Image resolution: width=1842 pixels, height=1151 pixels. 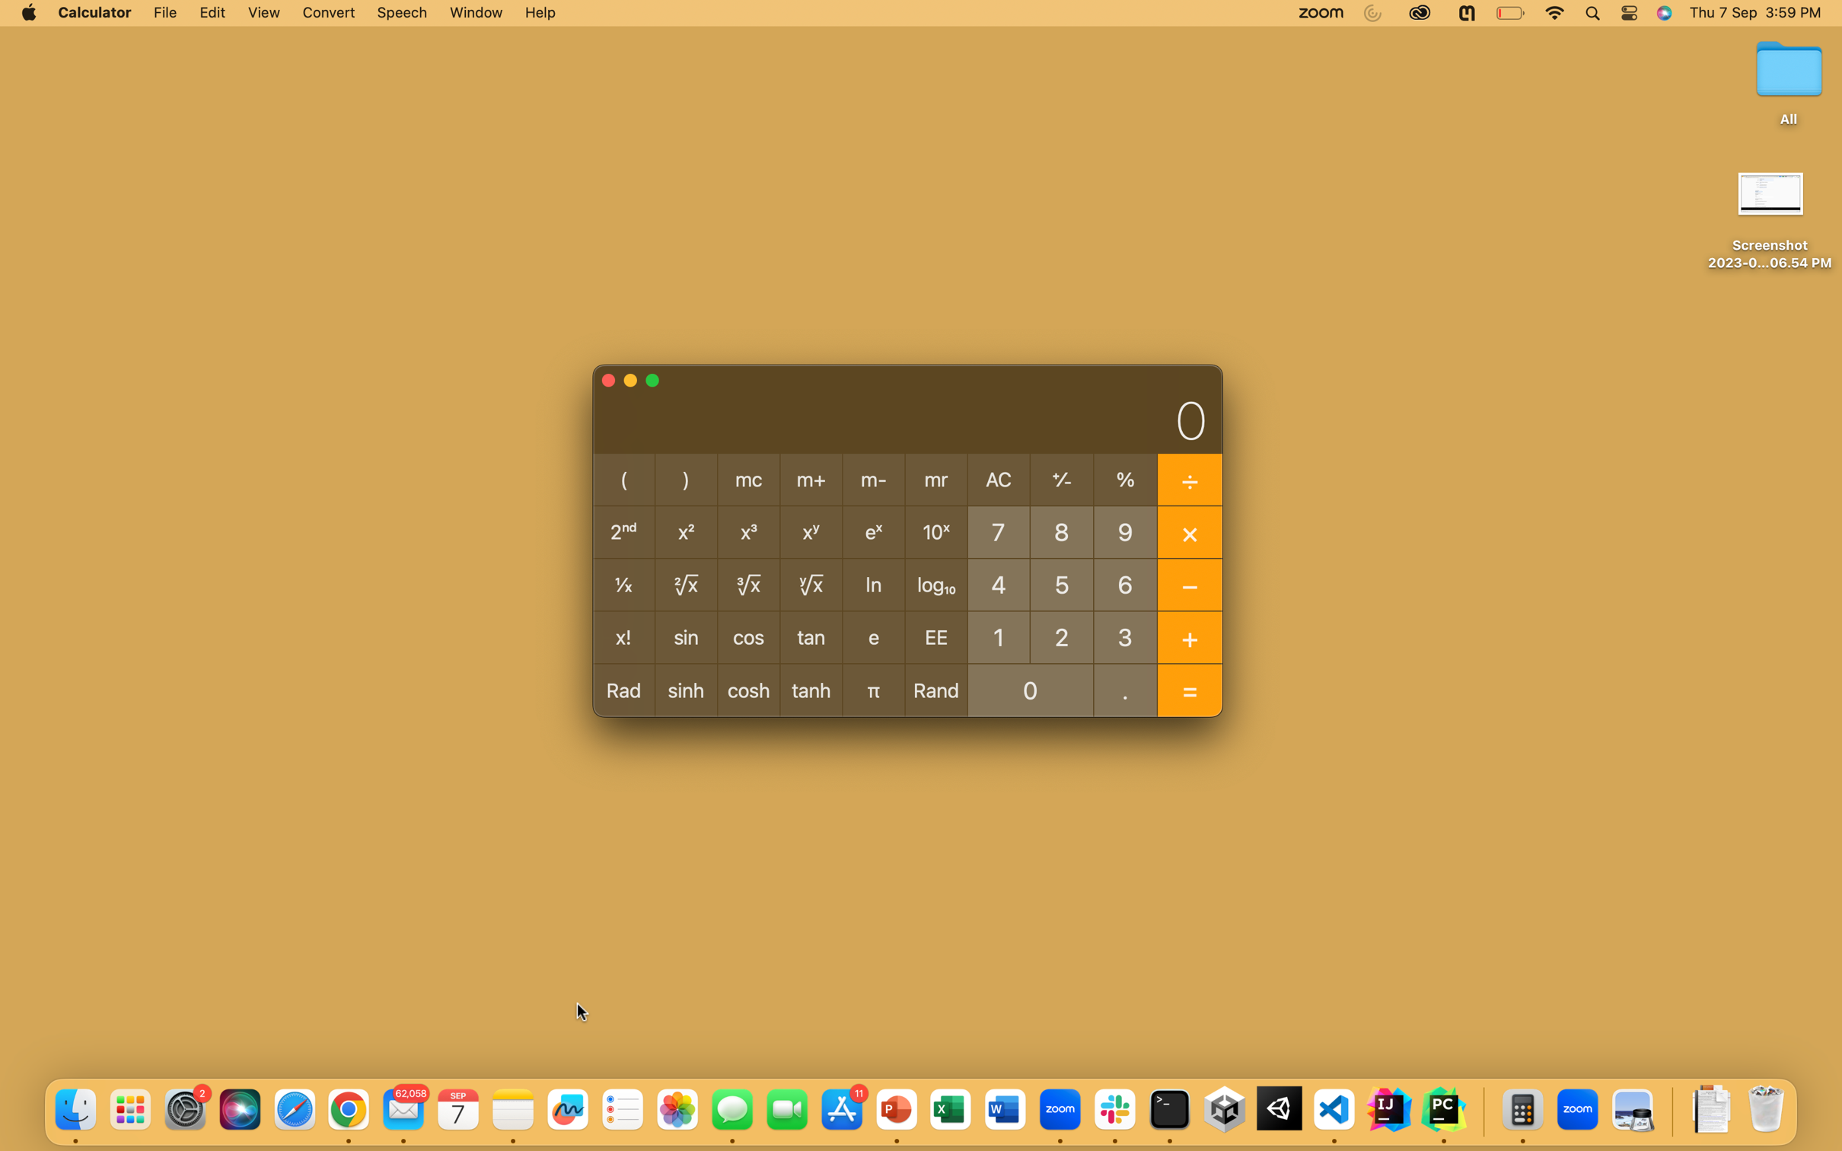 What do you see at coordinates (996, 584) in the screenshot?
I see `Identify the sine for a 45-degree angle` at bounding box center [996, 584].